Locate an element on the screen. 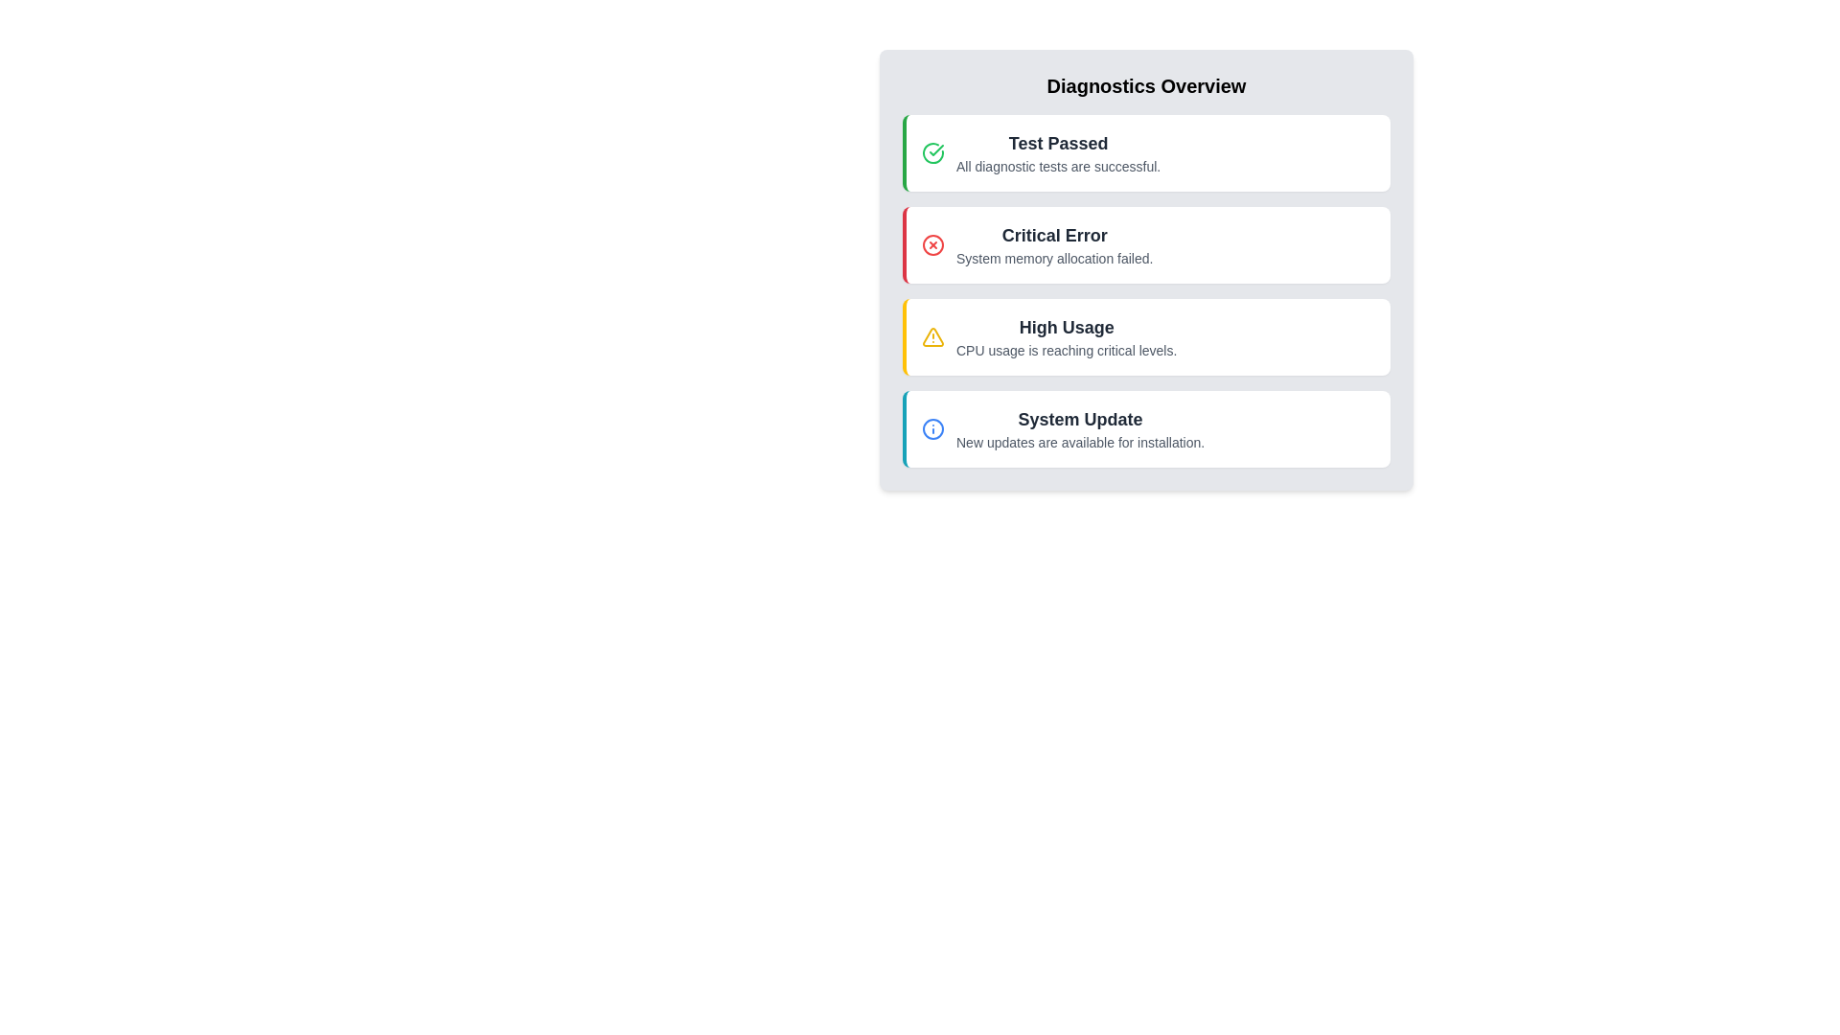 Image resolution: width=1840 pixels, height=1035 pixels. text content of the notification about new system updates located in the fourth section of the vertically aligned list inside the 'Diagnostics Overview' box is located at coordinates (1080, 427).